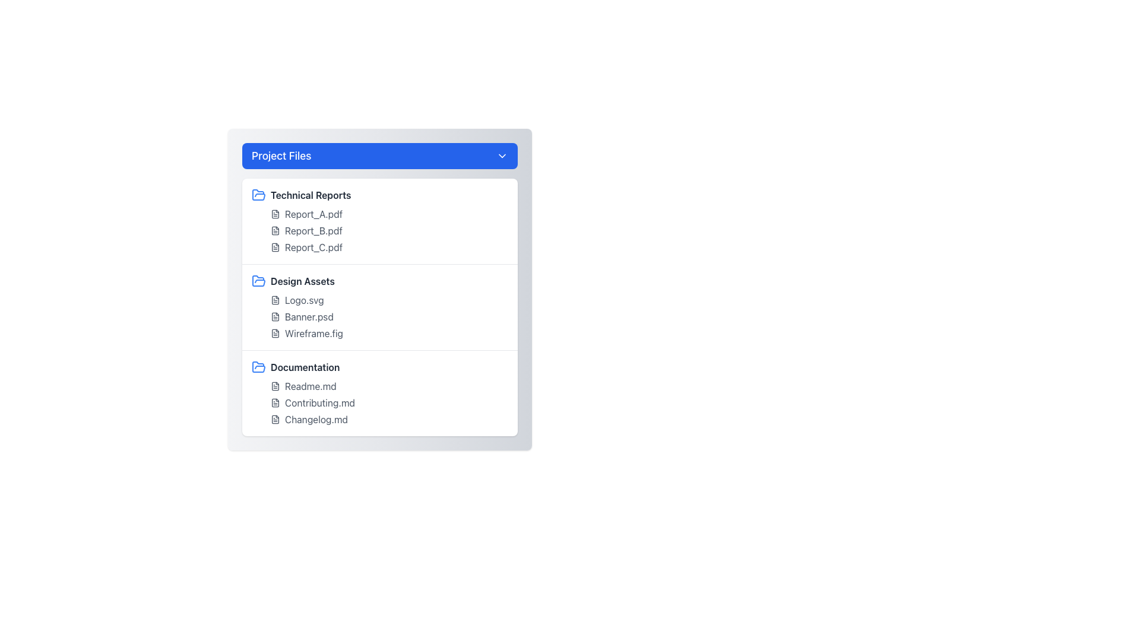 The height and width of the screenshot is (641, 1140). Describe the element at coordinates (389, 246) in the screenshot. I see `the list item for 'Report_C.pdf' in the 'Technical Reports' category` at that location.